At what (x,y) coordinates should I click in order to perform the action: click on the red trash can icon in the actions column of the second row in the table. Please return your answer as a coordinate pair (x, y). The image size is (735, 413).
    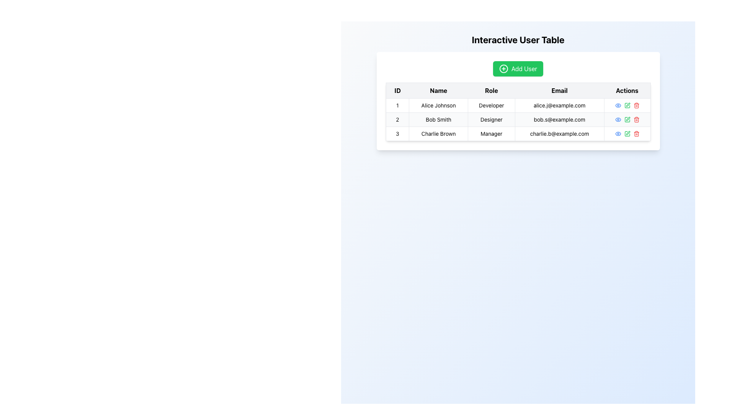
    Looking at the image, I should click on (636, 119).